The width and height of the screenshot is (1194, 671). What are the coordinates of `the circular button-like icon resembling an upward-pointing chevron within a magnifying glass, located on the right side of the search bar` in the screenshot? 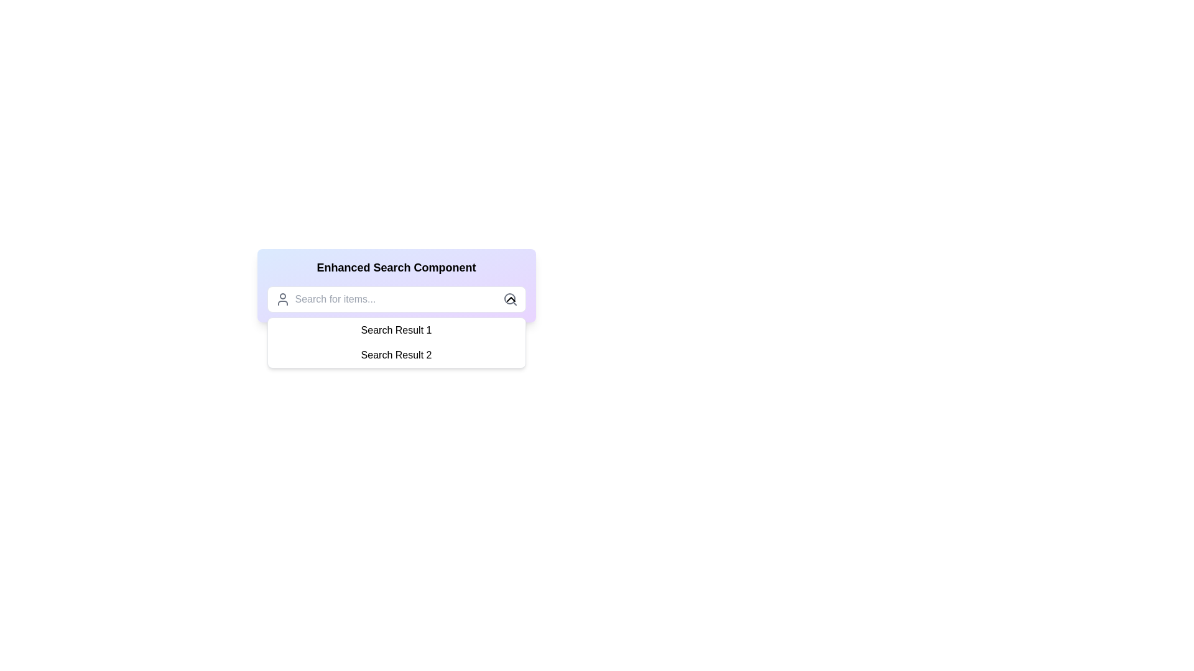 It's located at (511, 299).